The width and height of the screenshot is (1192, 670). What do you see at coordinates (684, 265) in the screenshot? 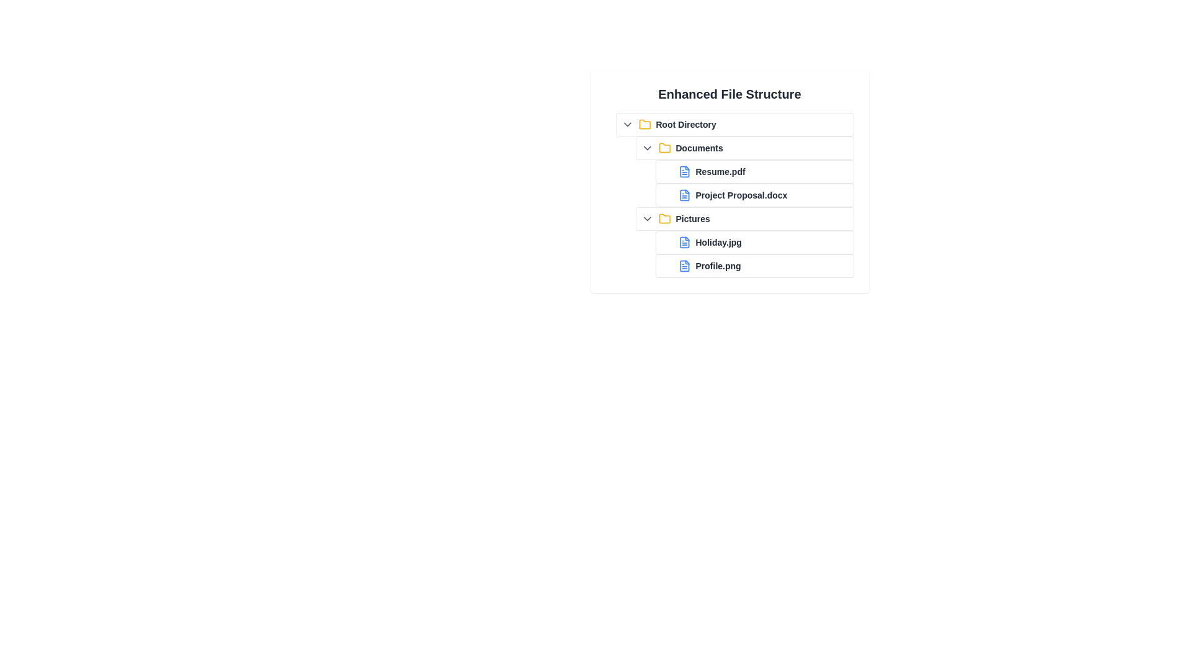
I see `the SVG icon representing the file type for 'Profile.png'` at bounding box center [684, 265].